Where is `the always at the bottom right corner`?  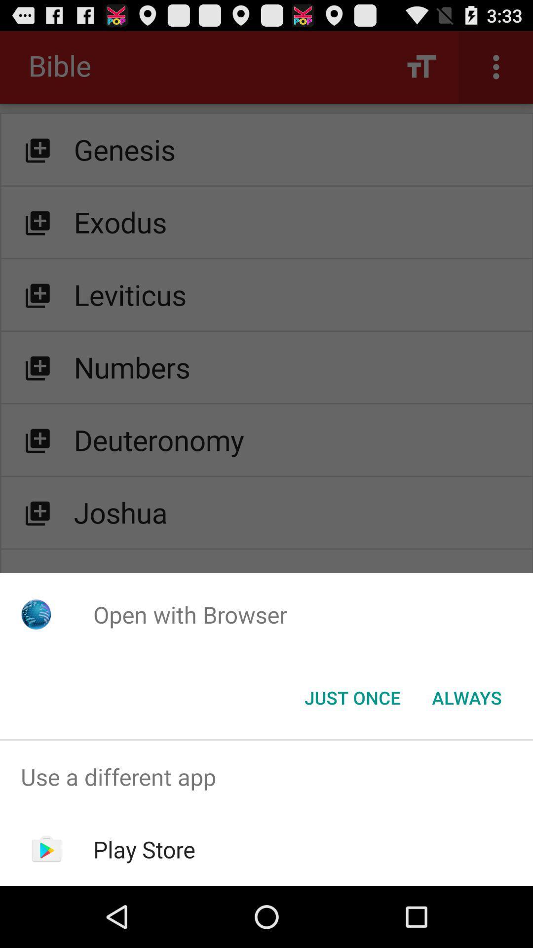
the always at the bottom right corner is located at coordinates (466, 697).